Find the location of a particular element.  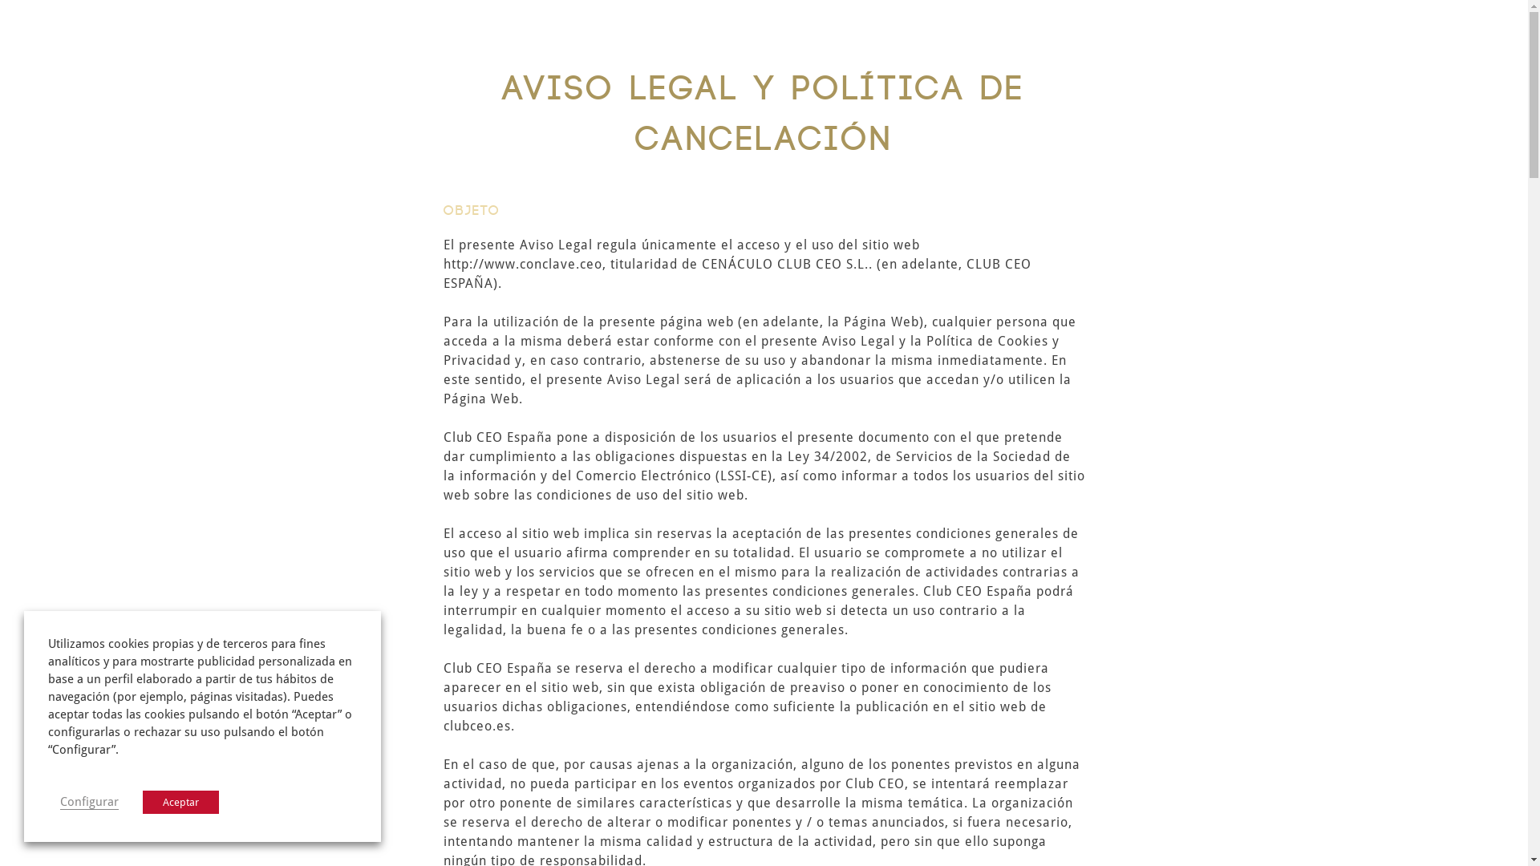

'Configurar' is located at coordinates (88, 802).